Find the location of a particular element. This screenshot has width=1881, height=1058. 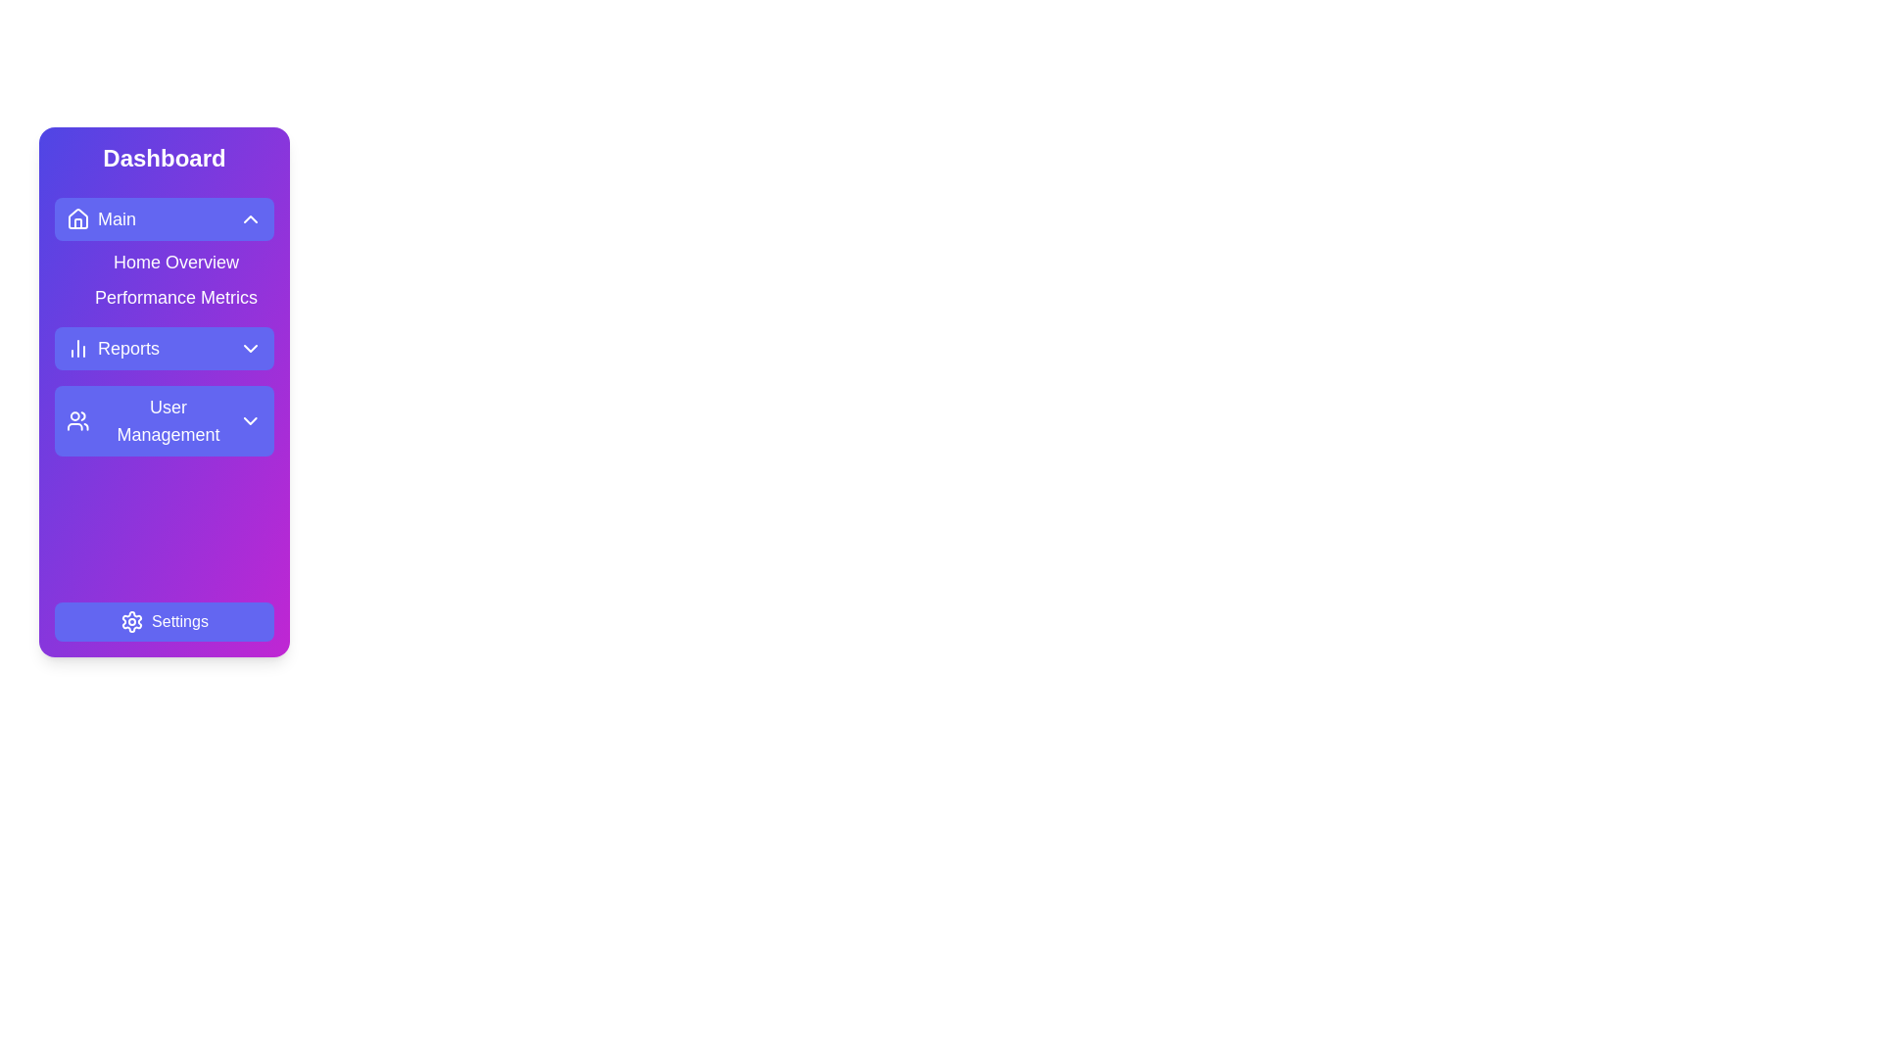

the column chart icon located to the left of the 'Reports' label in the second row of the navigation menu on the sidebar is located at coordinates (78, 347).